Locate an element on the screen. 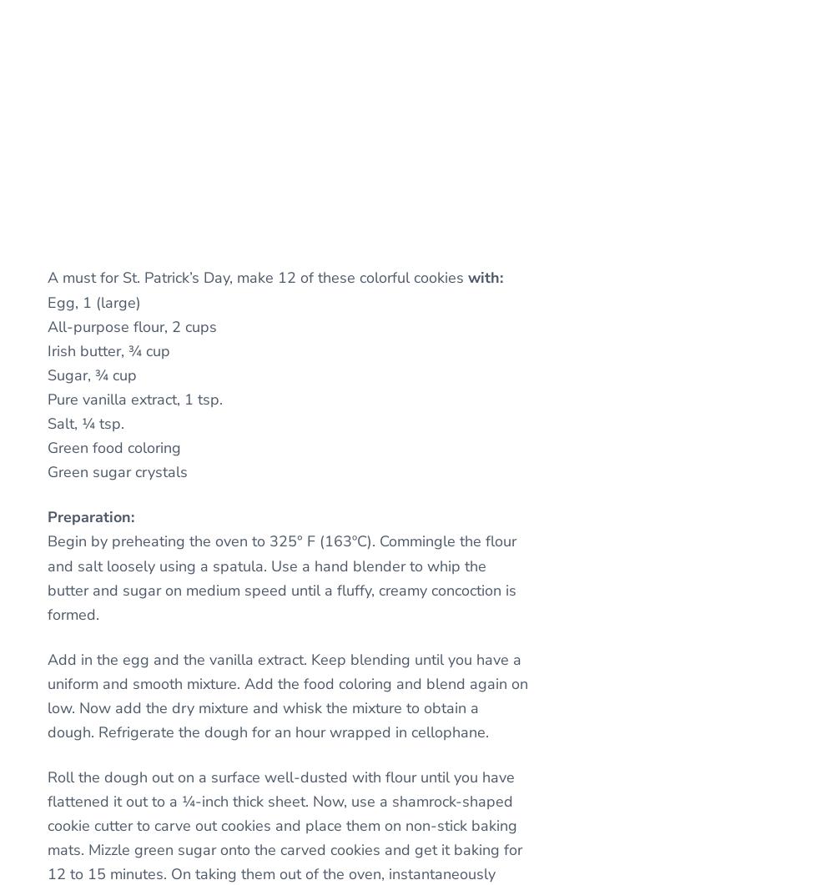 The width and height of the screenshot is (821, 885). 'Preparation:' is located at coordinates (90, 516).